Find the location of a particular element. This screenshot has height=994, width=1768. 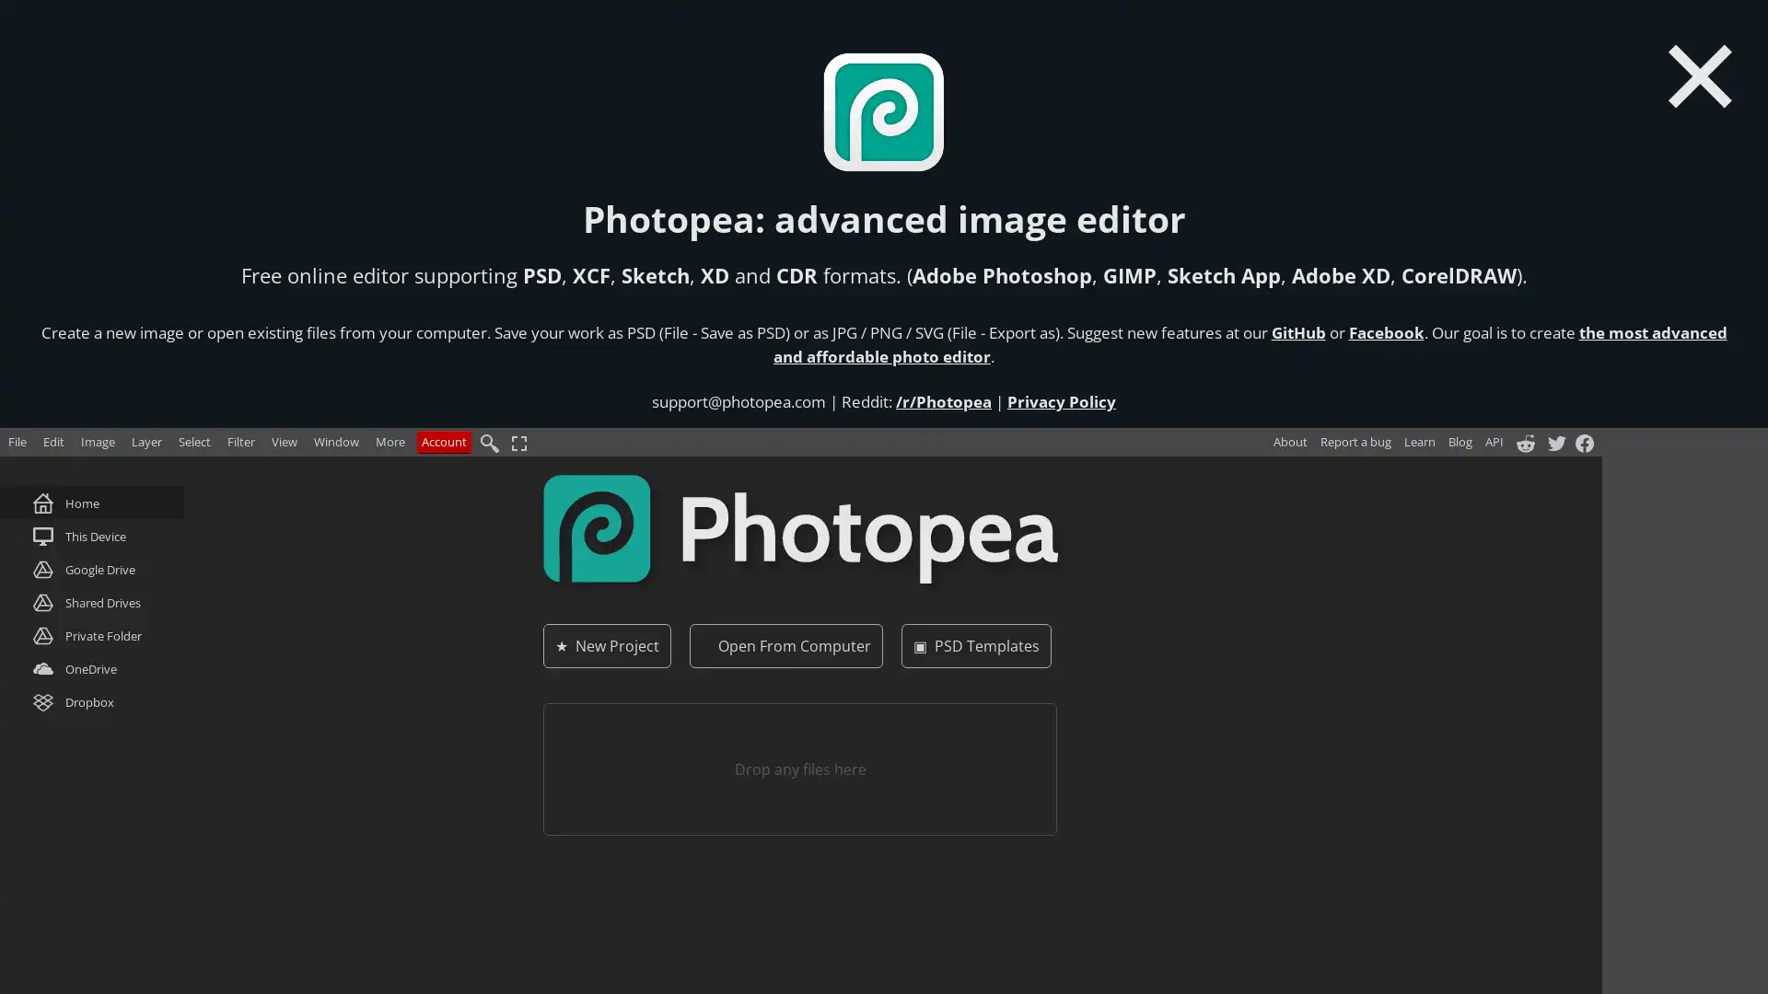

Report a bug is located at coordinates (1355, 14).